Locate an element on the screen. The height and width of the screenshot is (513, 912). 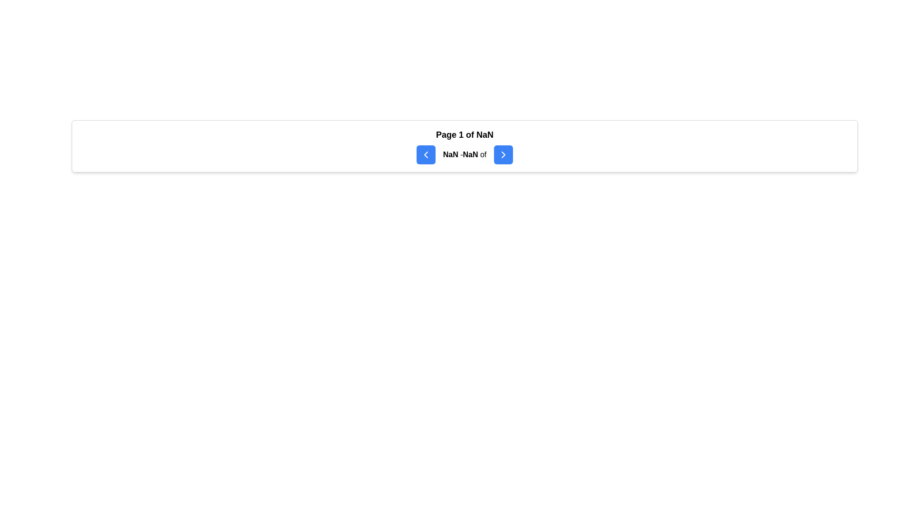
the 'Next' button located at the center of the interface, which is the rightmost button in the navigation control group is located at coordinates (503, 154).